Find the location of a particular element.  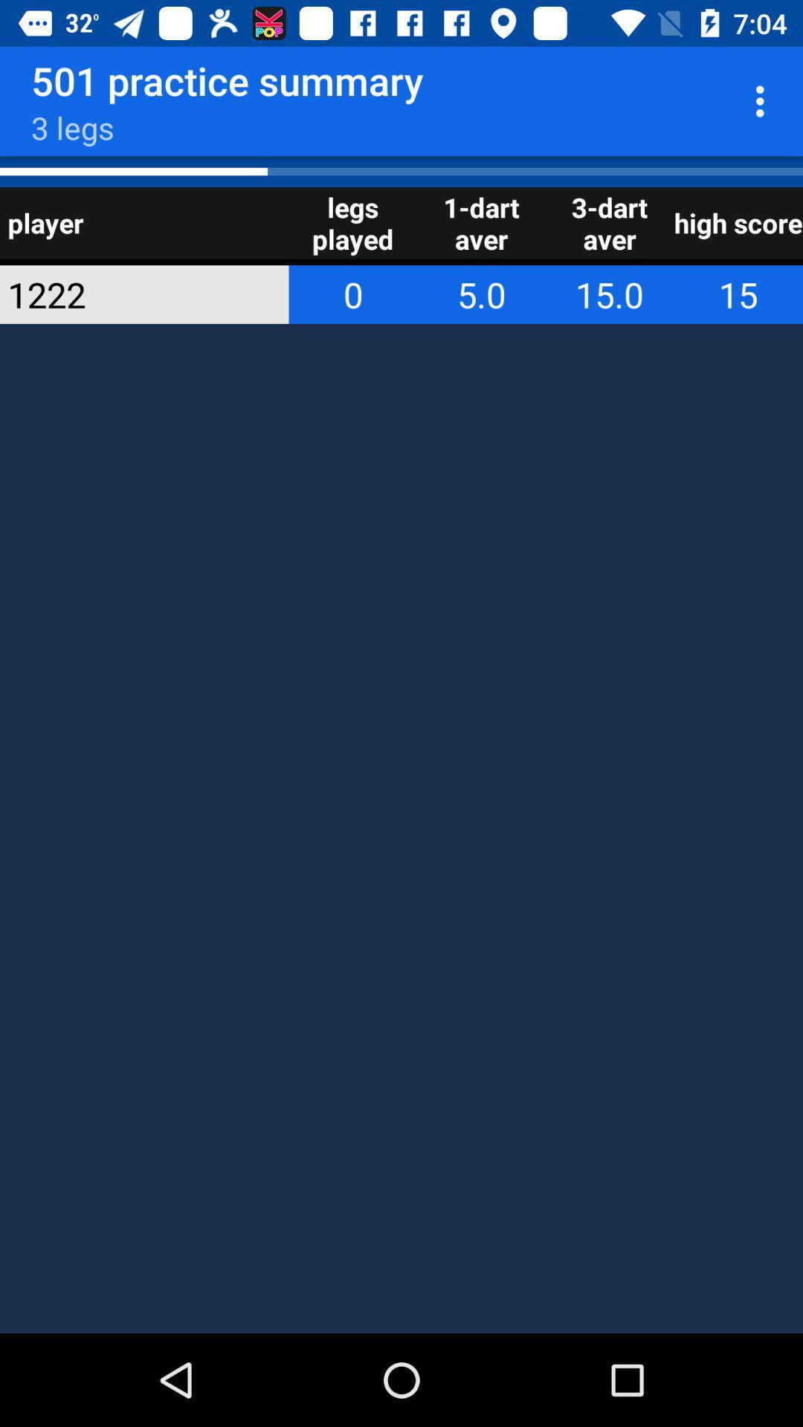

1222 item is located at coordinates (123, 294).